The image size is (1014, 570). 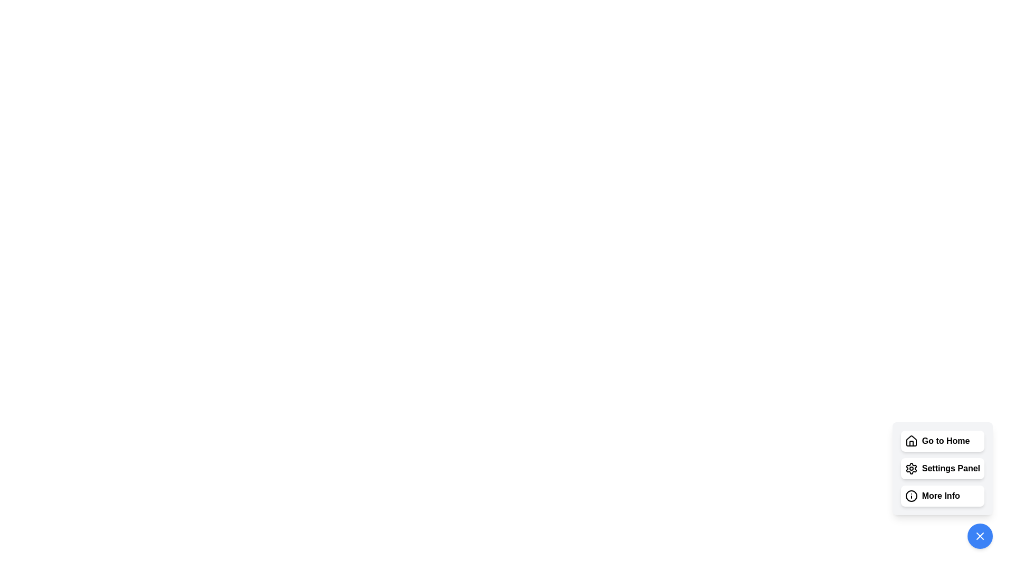 I want to click on the SVG graphical element resembling an 'X' located in the bottom-right corner of the interface, which is part of a button-like component, so click(x=980, y=536).